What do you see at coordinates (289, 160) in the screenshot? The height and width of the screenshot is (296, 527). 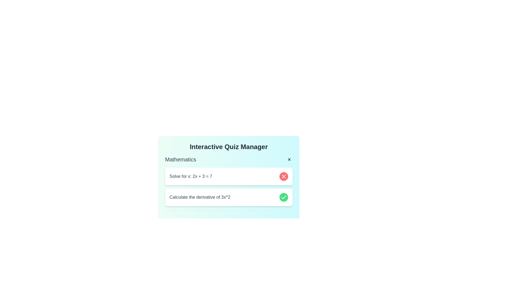 I see `the close button located in the top-right corner of the 'Interactive Quiz Manager' panel` at bounding box center [289, 160].